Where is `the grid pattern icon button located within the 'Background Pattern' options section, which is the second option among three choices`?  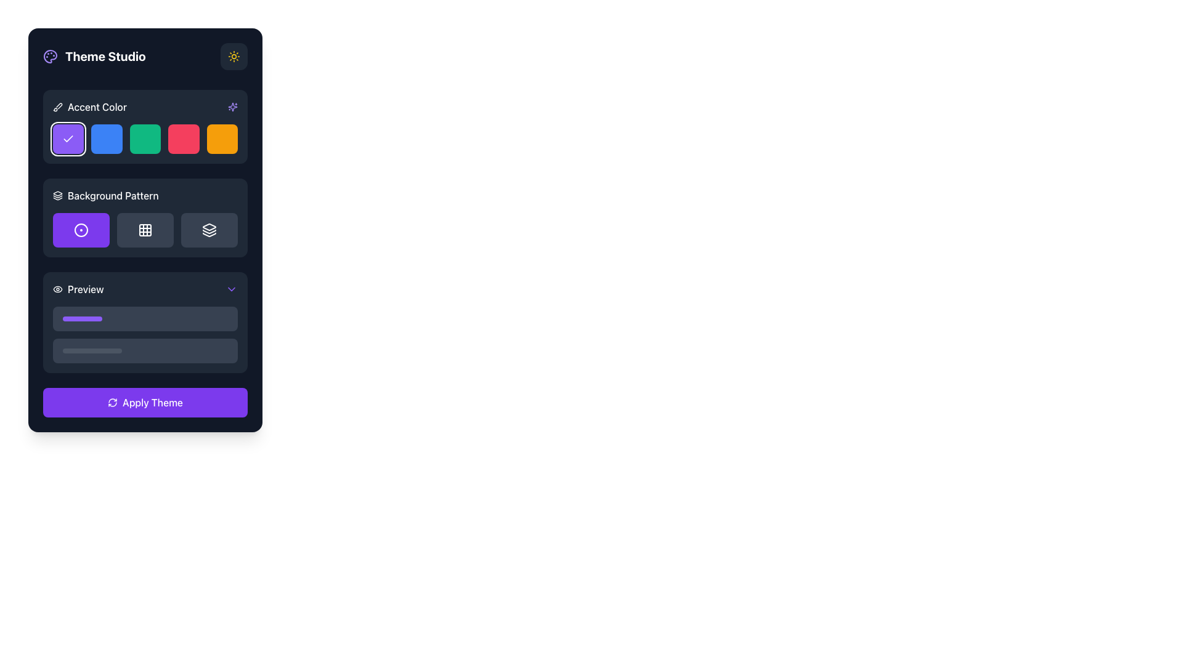
the grid pattern icon button located within the 'Background Pattern' options section, which is the second option among three choices is located at coordinates (145, 230).